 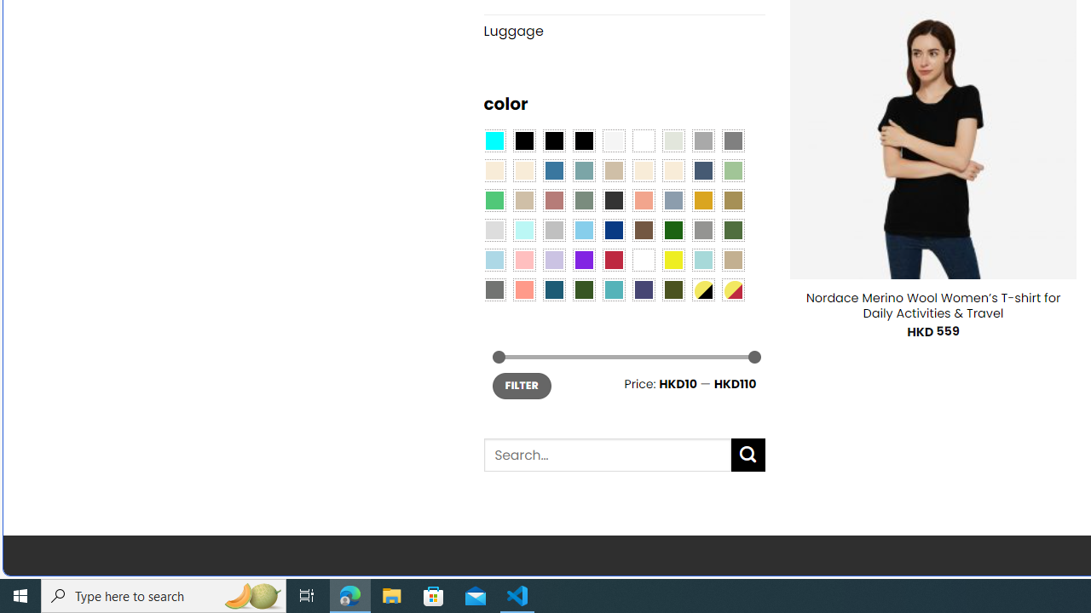 What do you see at coordinates (643, 198) in the screenshot?
I see `'Coral'` at bounding box center [643, 198].